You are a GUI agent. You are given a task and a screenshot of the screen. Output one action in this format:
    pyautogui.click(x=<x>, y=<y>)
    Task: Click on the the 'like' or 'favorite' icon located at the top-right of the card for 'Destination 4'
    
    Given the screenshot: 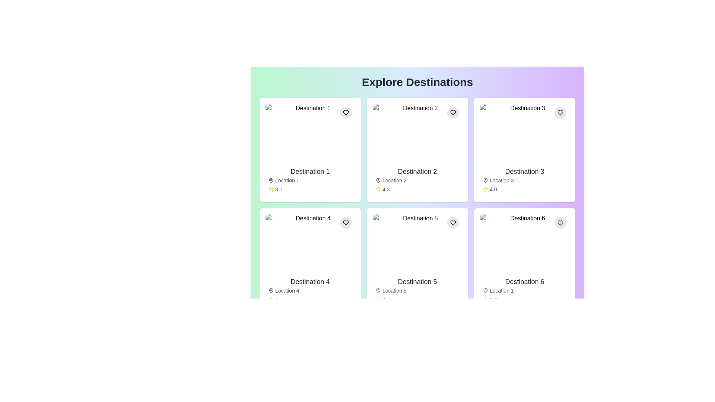 What is the action you would take?
    pyautogui.click(x=346, y=222)
    